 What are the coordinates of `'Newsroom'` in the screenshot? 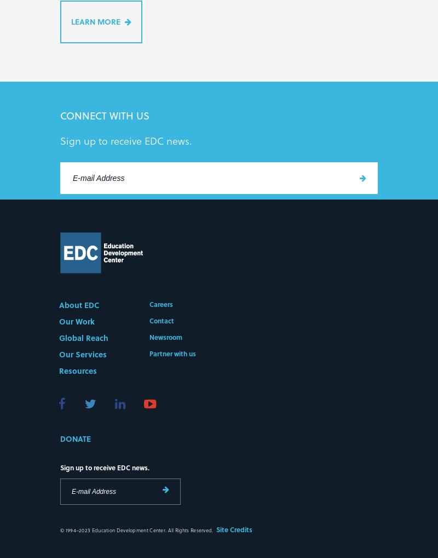 It's located at (165, 338).